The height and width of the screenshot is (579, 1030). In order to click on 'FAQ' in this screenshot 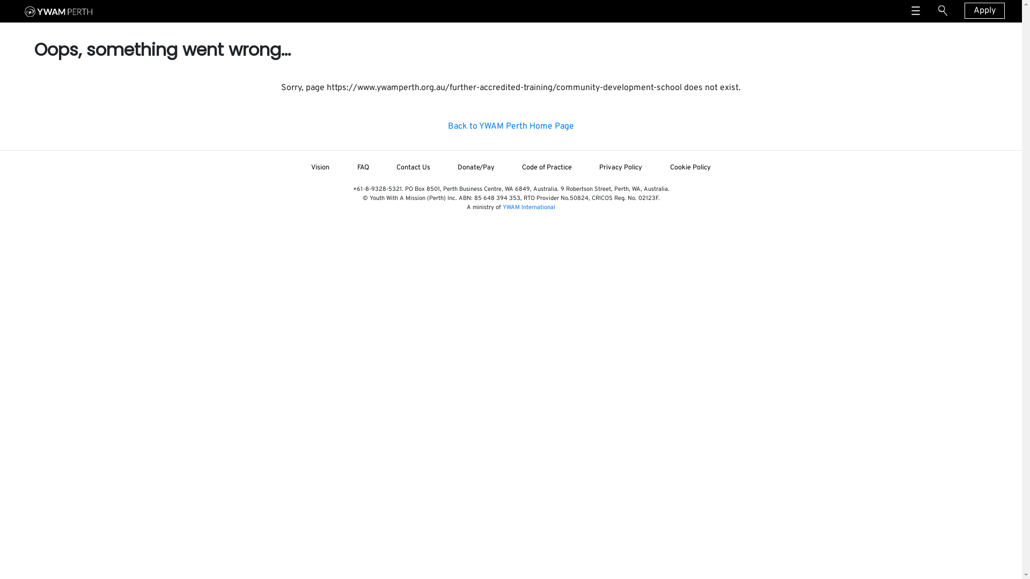, I will do `click(342, 167)`.